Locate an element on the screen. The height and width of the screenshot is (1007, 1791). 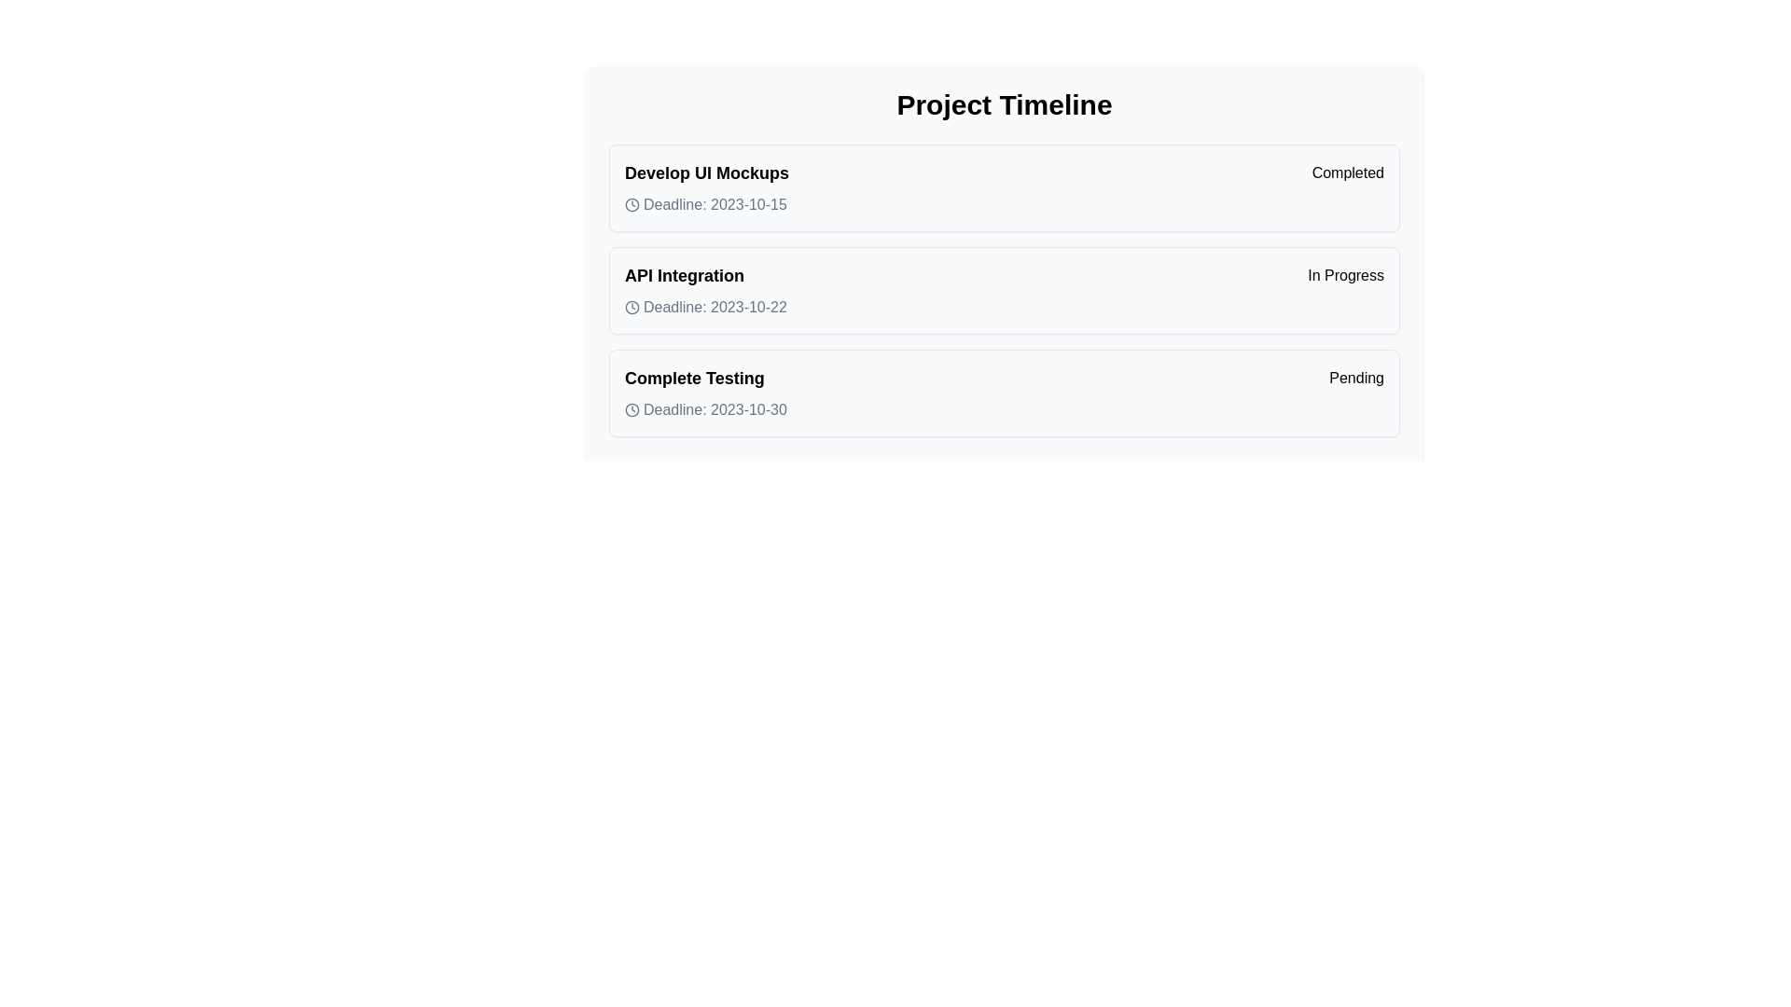
the clock icon located on the left side of the 'Deadline: 2023-10-22' text in the 'API Integration' section of the timeline structure is located at coordinates (632, 307).